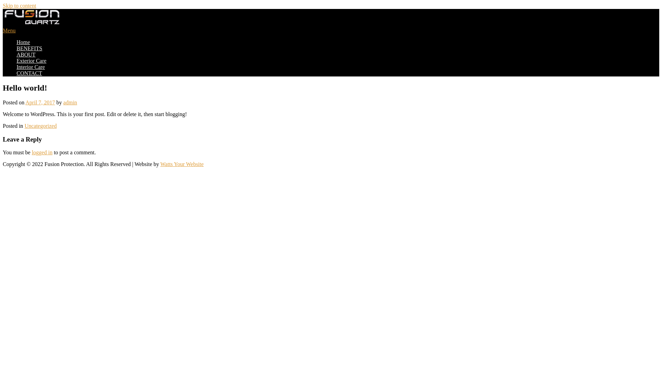 The image size is (662, 372). I want to click on 'Uncategorized', so click(24, 126).